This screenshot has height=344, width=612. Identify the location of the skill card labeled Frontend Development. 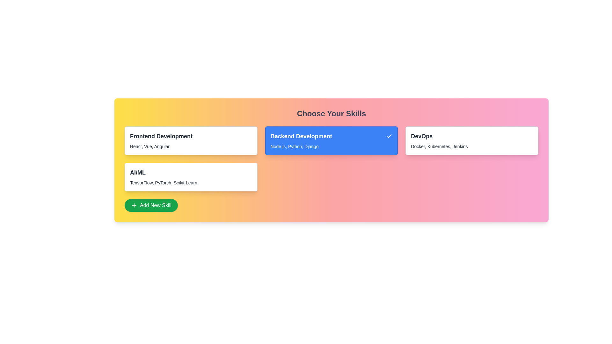
(191, 140).